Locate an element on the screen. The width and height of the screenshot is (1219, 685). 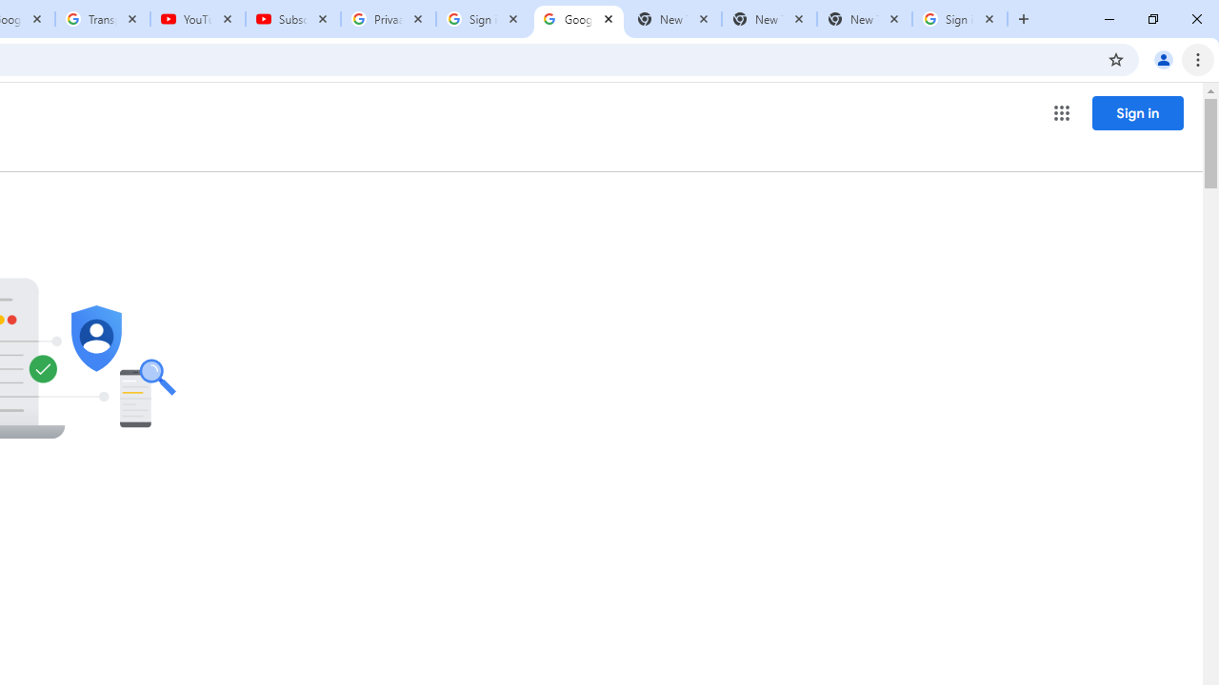
'Subscriptions - YouTube' is located at coordinates (292, 19).